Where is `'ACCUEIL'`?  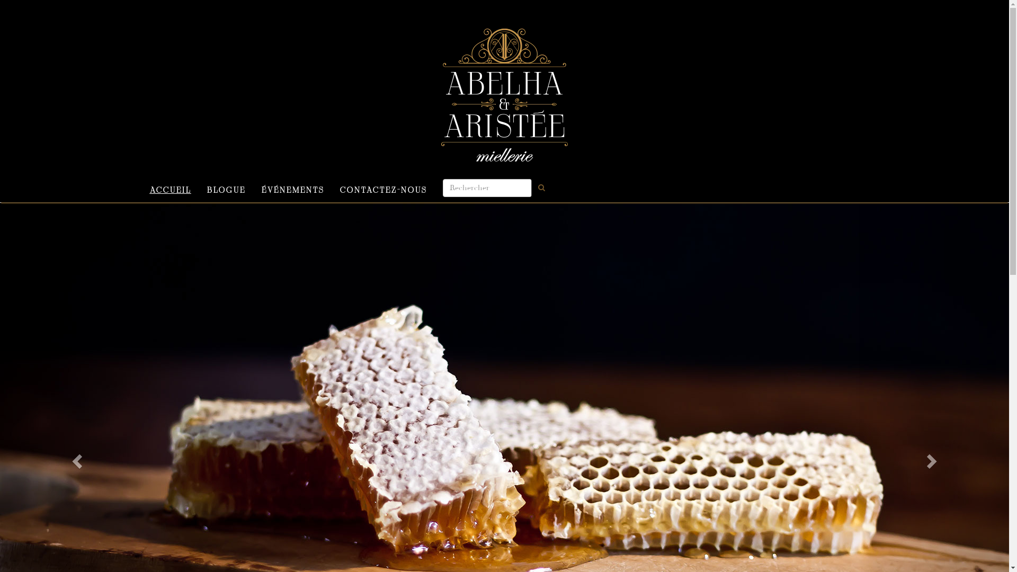 'ACCUEIL' is located at coordinates (170, 187).